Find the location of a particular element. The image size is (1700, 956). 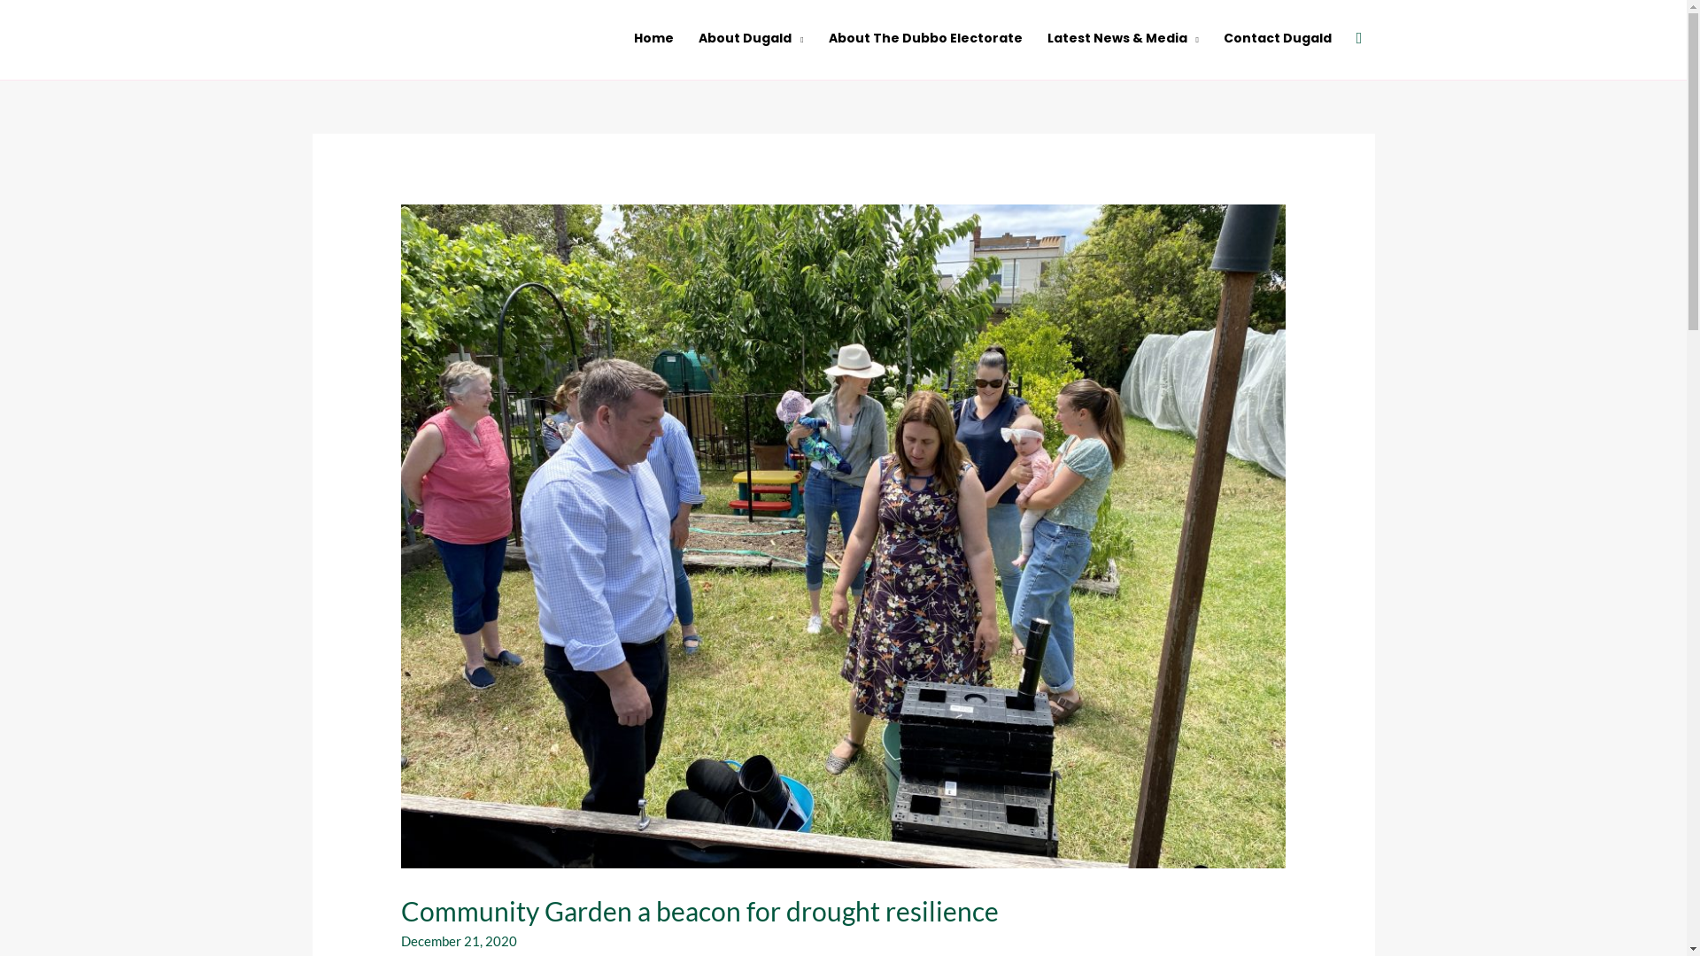

'Contact Dugald' is located at coordinates (1210, 37).